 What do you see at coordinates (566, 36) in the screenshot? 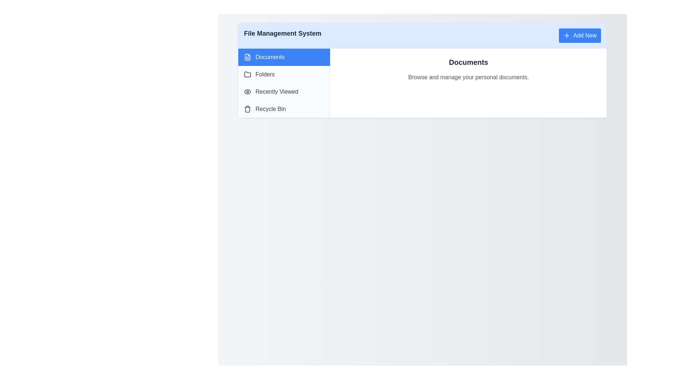
I see `the icon that represents the action of adding or creating a new entry, located in the top-right corner of the interface, leftmost in its button group` at bounding box center [566, 36].